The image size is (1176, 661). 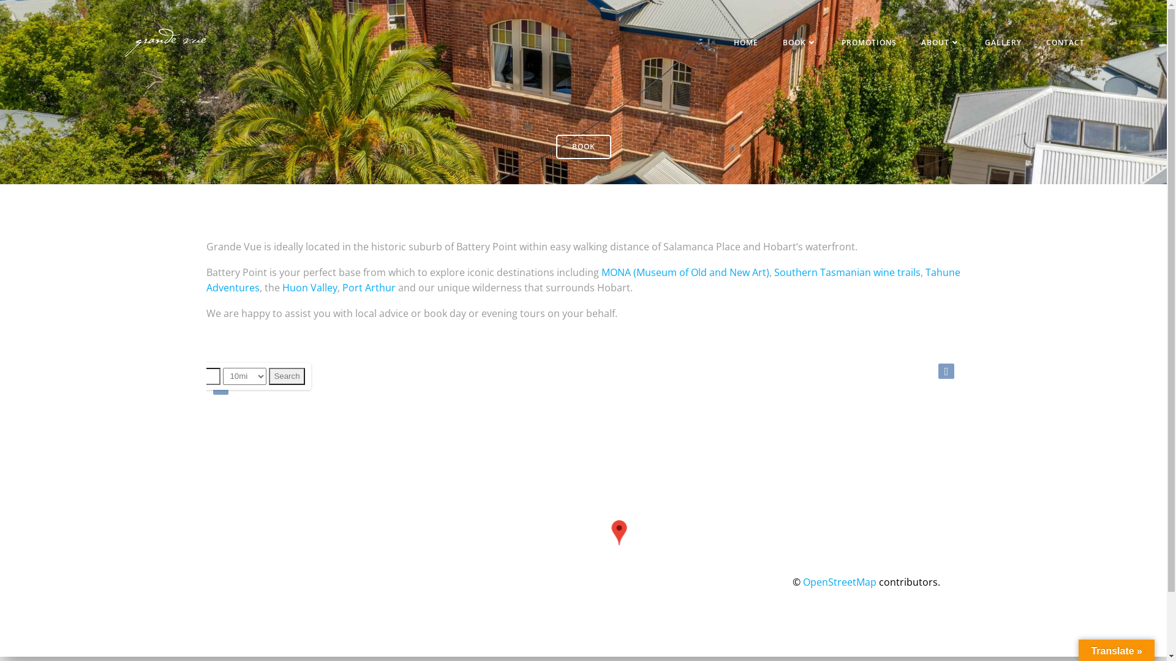 I want to click on 'Colibri', so click(x=692, y=624).